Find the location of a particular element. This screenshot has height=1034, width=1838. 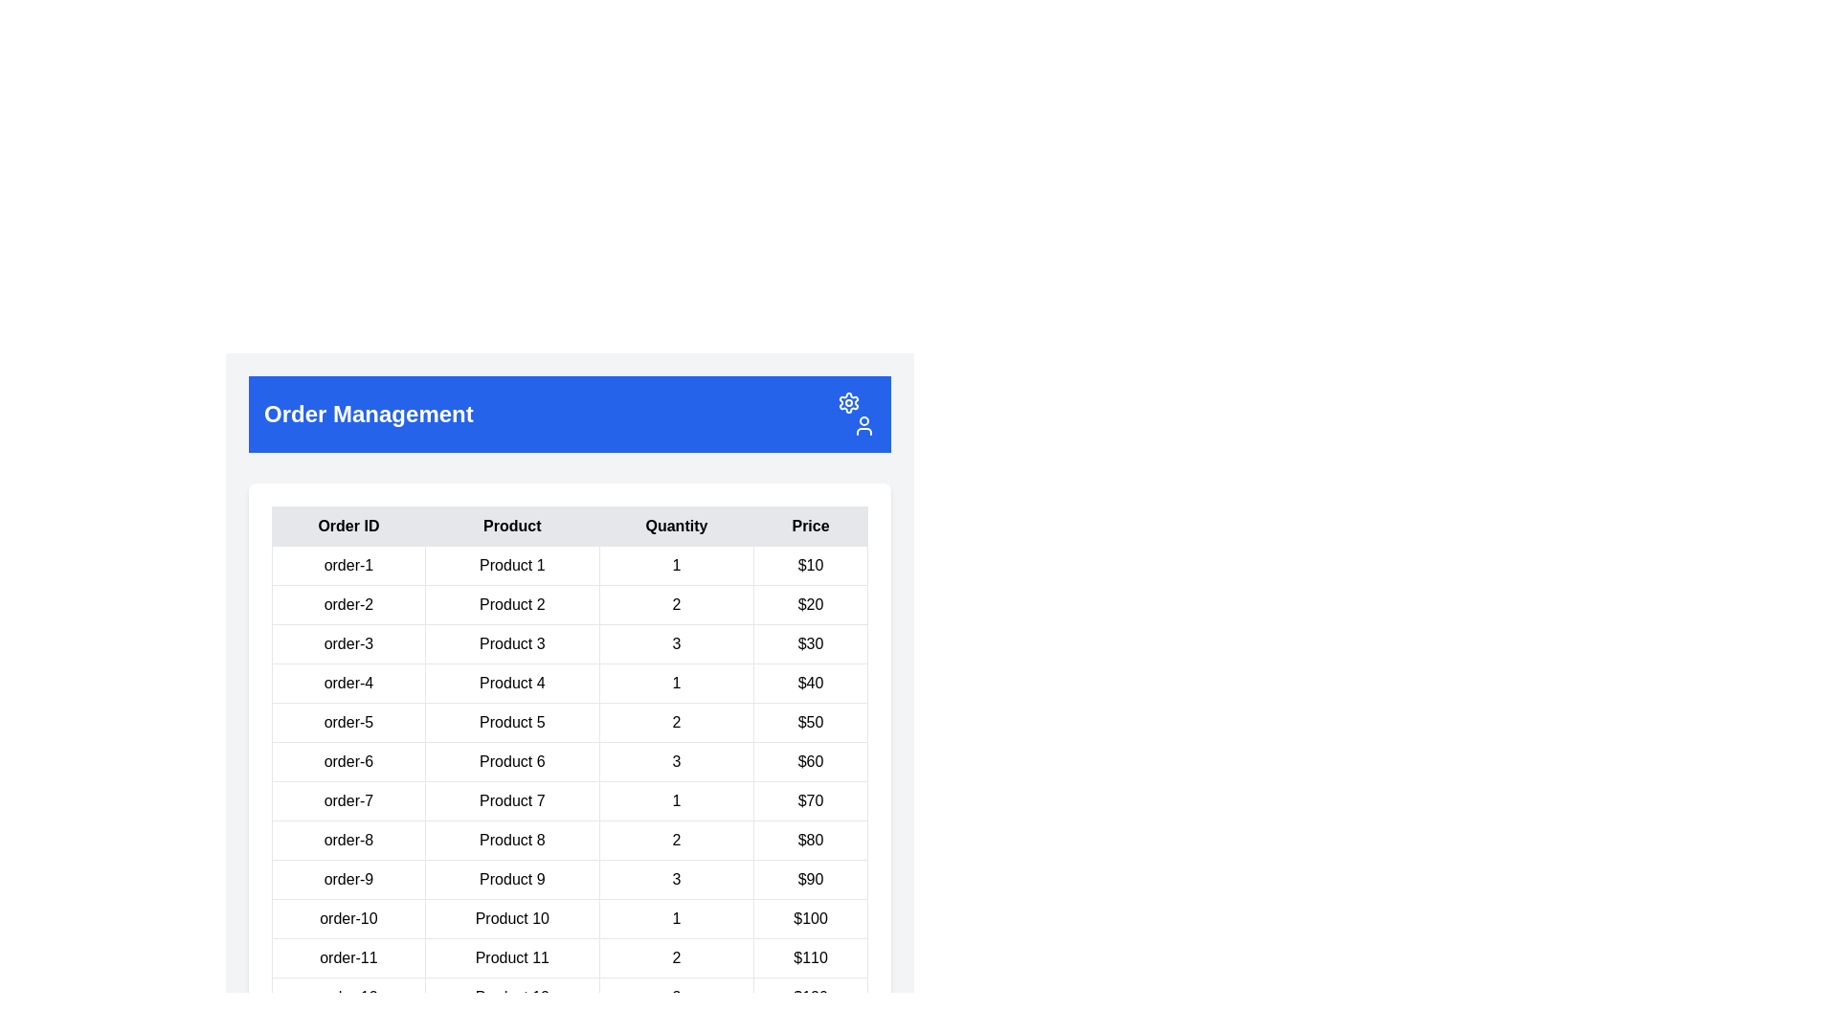

value displayed in the Text Display Cell, which shows '3' and is located in the 'Quantity' column of the table for 'order-12' is located at coordinates (676, 996).